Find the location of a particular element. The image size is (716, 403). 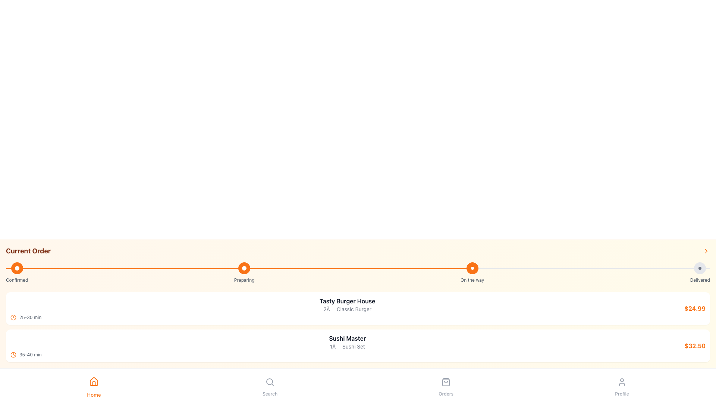

the price display for the 'Tasty Burger House' item, located at the rightmost side of its card is located at coordinates (694, 308).